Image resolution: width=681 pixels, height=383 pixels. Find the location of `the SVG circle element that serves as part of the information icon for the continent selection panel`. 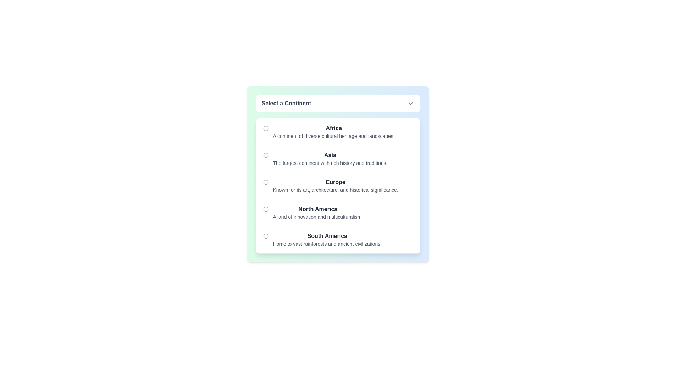

the SVG circle element that serves as part of the information icon for the continent selection panel is located at coordinates (265, 182).